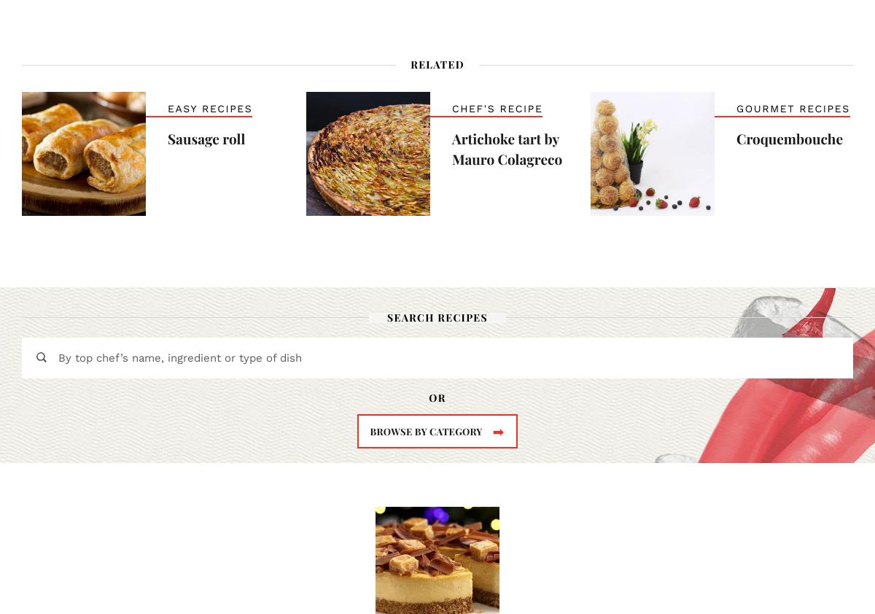  What do you see at coordinates (792, 108) in the screenshot?
I see `'Gourmet Recipes'` at bounding box center [792, 108].